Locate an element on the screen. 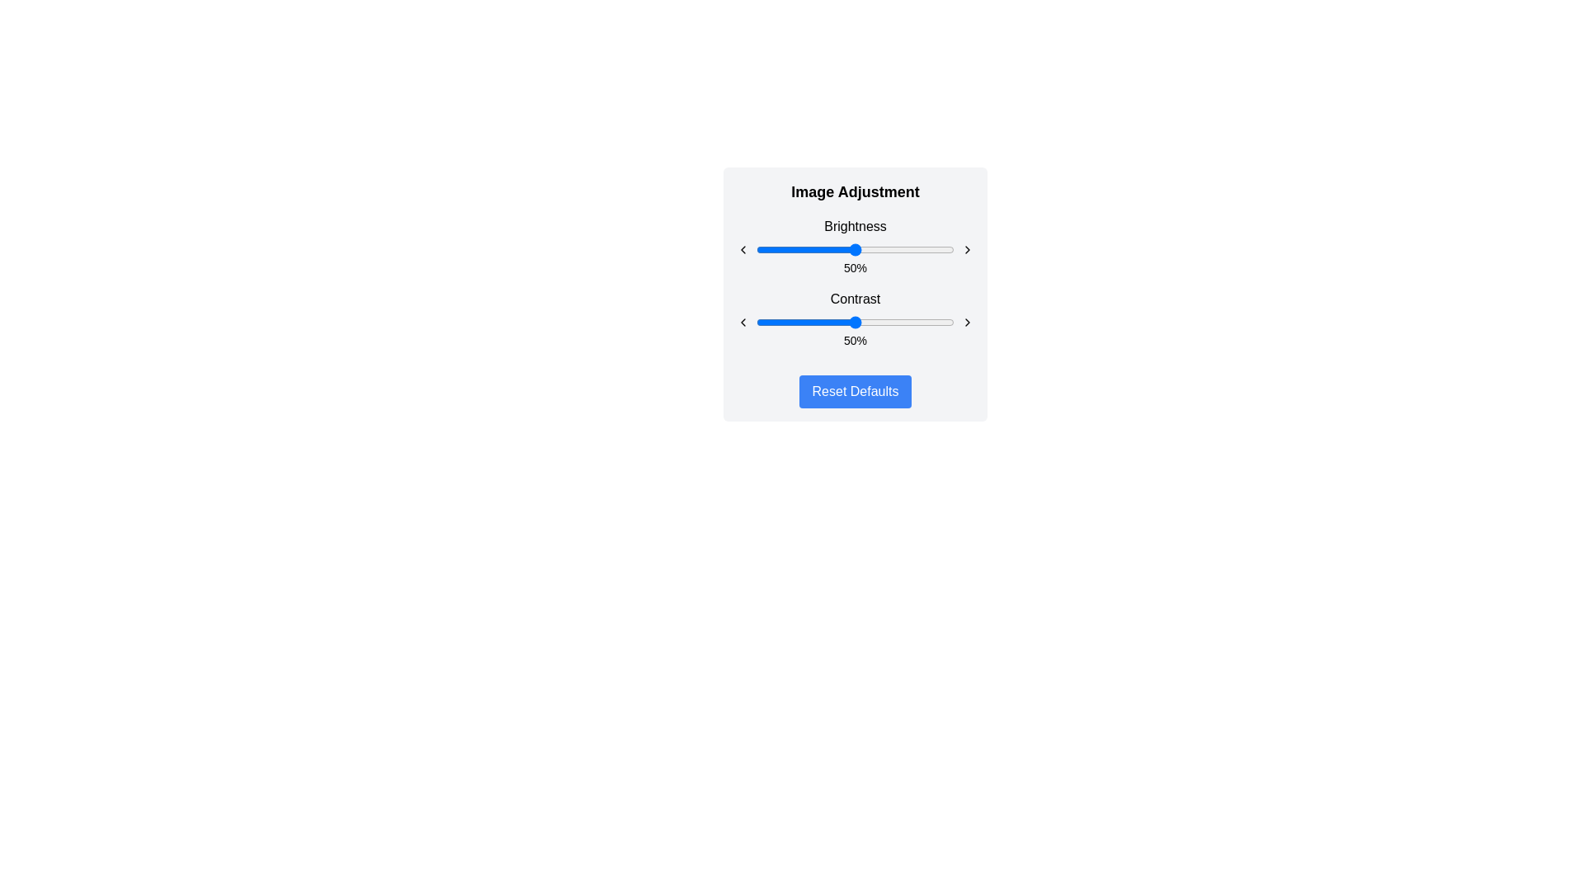 This screenshot has height=891, width=1584. brightness is located at coordinates (865, 250).